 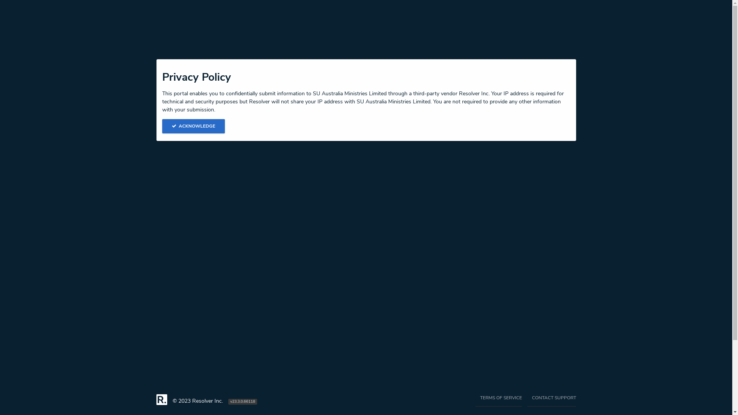 What do you see at coordinates (498, 400) in the screenshot?
I see `'TERMS OF SERVICE'` at bounding box center [498, 400].